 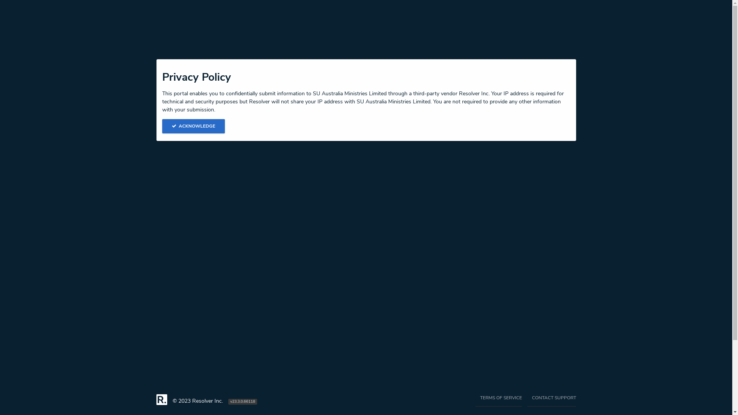 What do you see at coordinates (498, 400) in the screenshot?
I see `'TERMS OF SERVICE'` at bounding box center [498, 400].